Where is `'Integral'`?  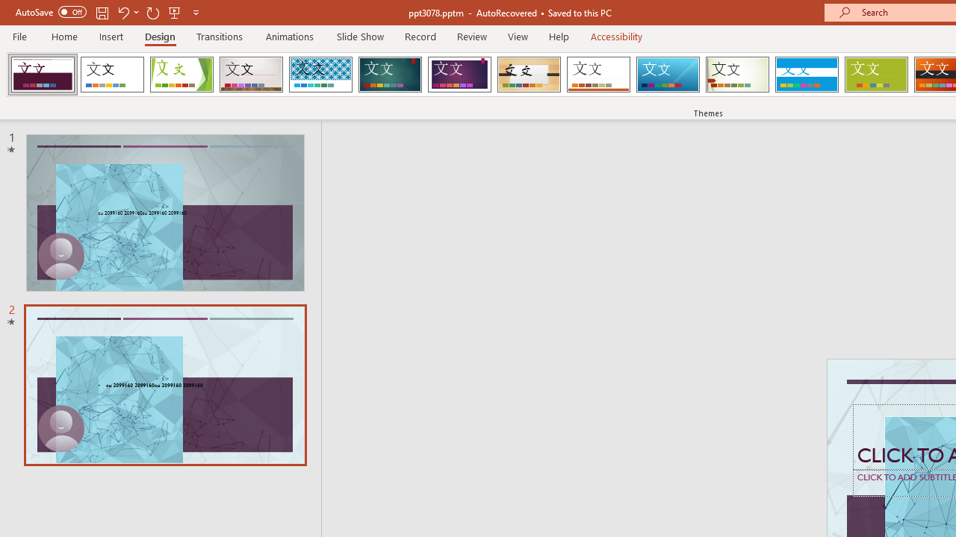 'Integral' is located at coordinates (320, 75).